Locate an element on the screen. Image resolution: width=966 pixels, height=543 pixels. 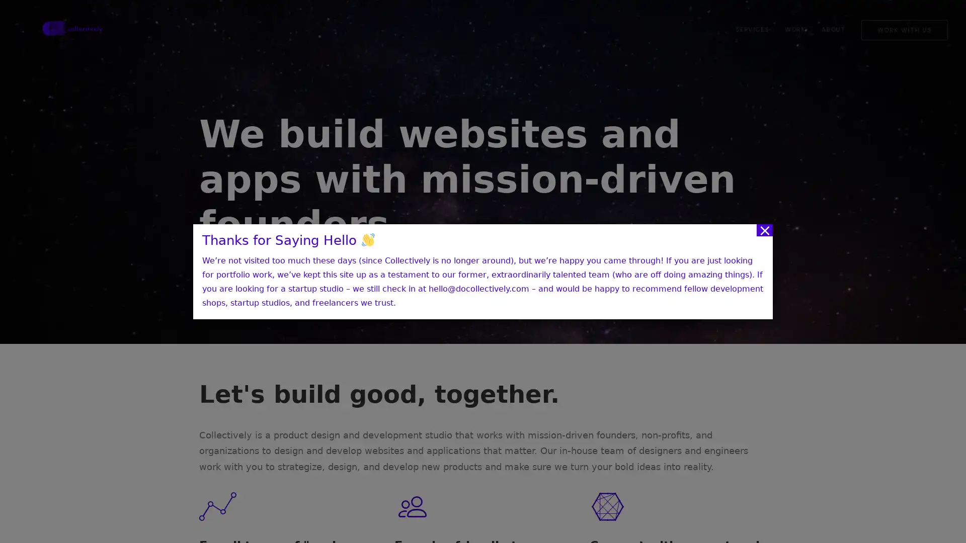
Close is located at coordinates (765, 230).